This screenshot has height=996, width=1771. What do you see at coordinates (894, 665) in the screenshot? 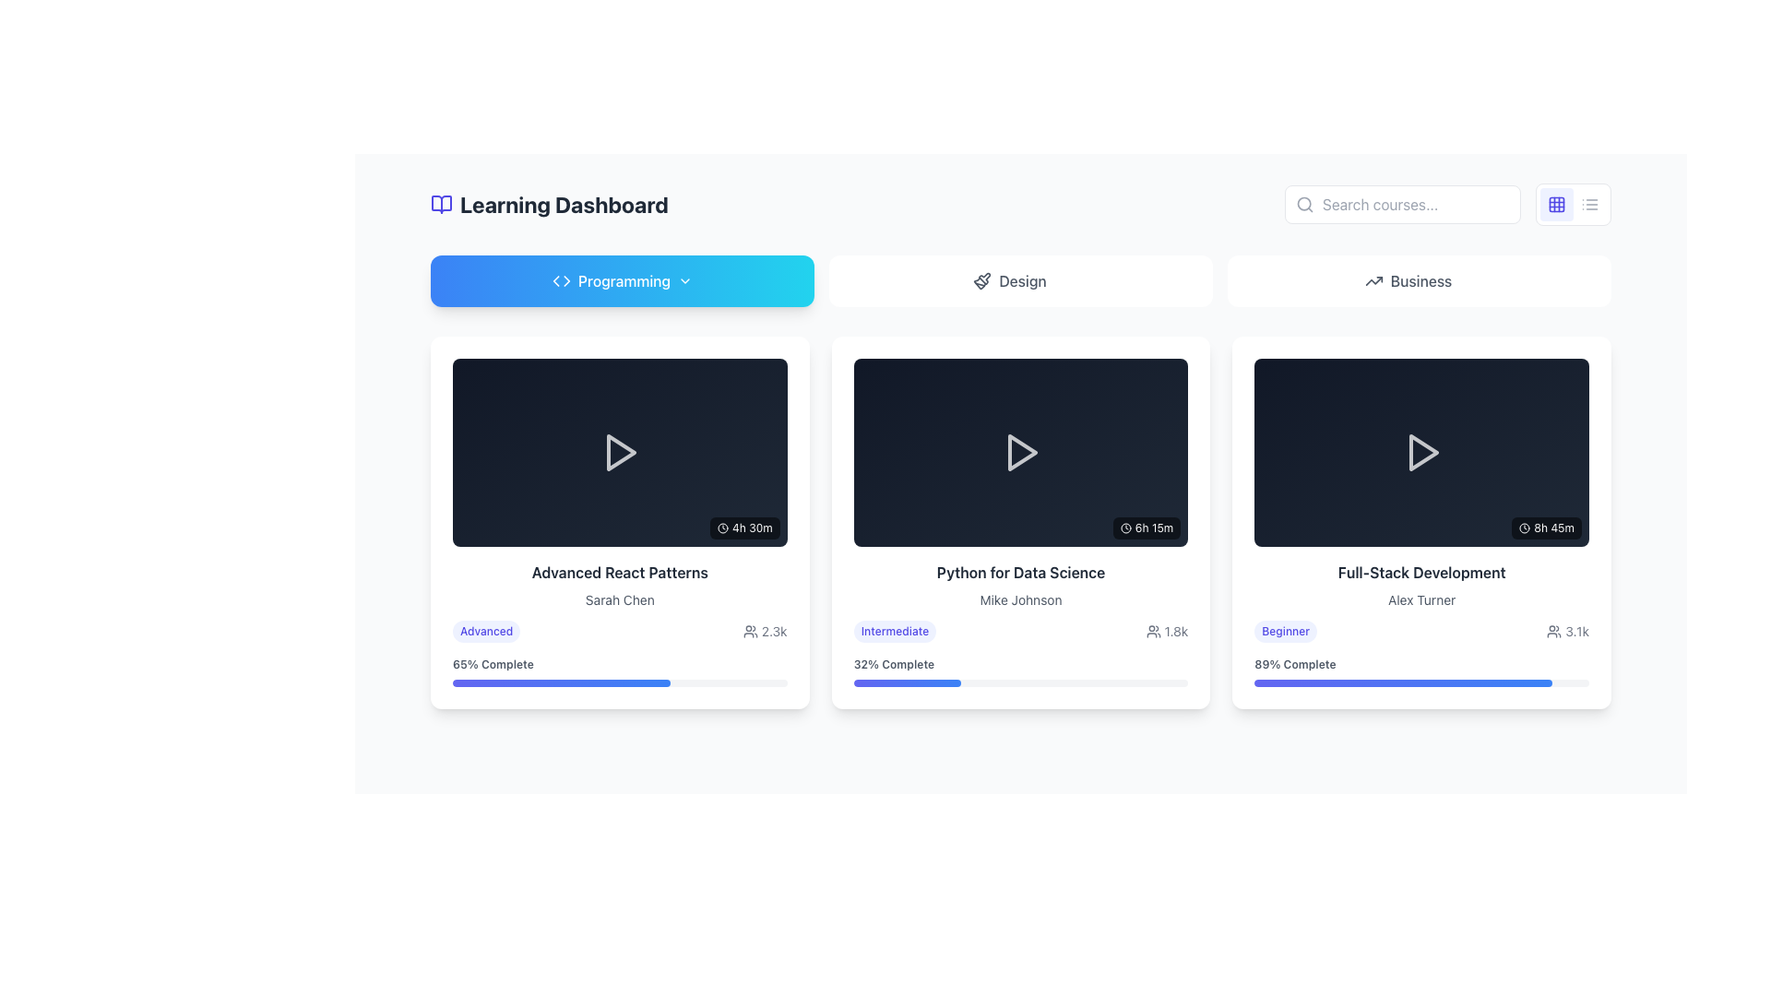
I see `the text label displaying '32% Complete' which is located above the blue progress bar in the card for 'Python for Data Science'` at bounding box center [894, 665].